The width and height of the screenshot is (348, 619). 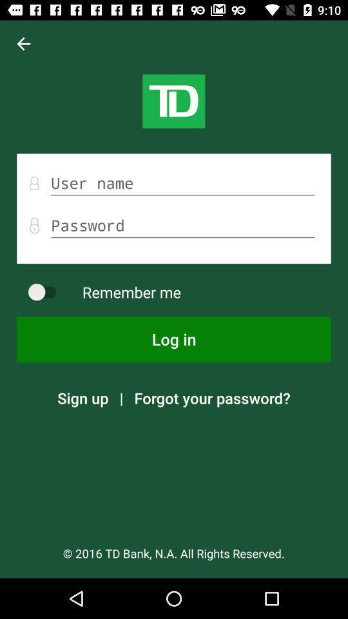 I want to click on the sign up icon, so click(x=82, y=397).